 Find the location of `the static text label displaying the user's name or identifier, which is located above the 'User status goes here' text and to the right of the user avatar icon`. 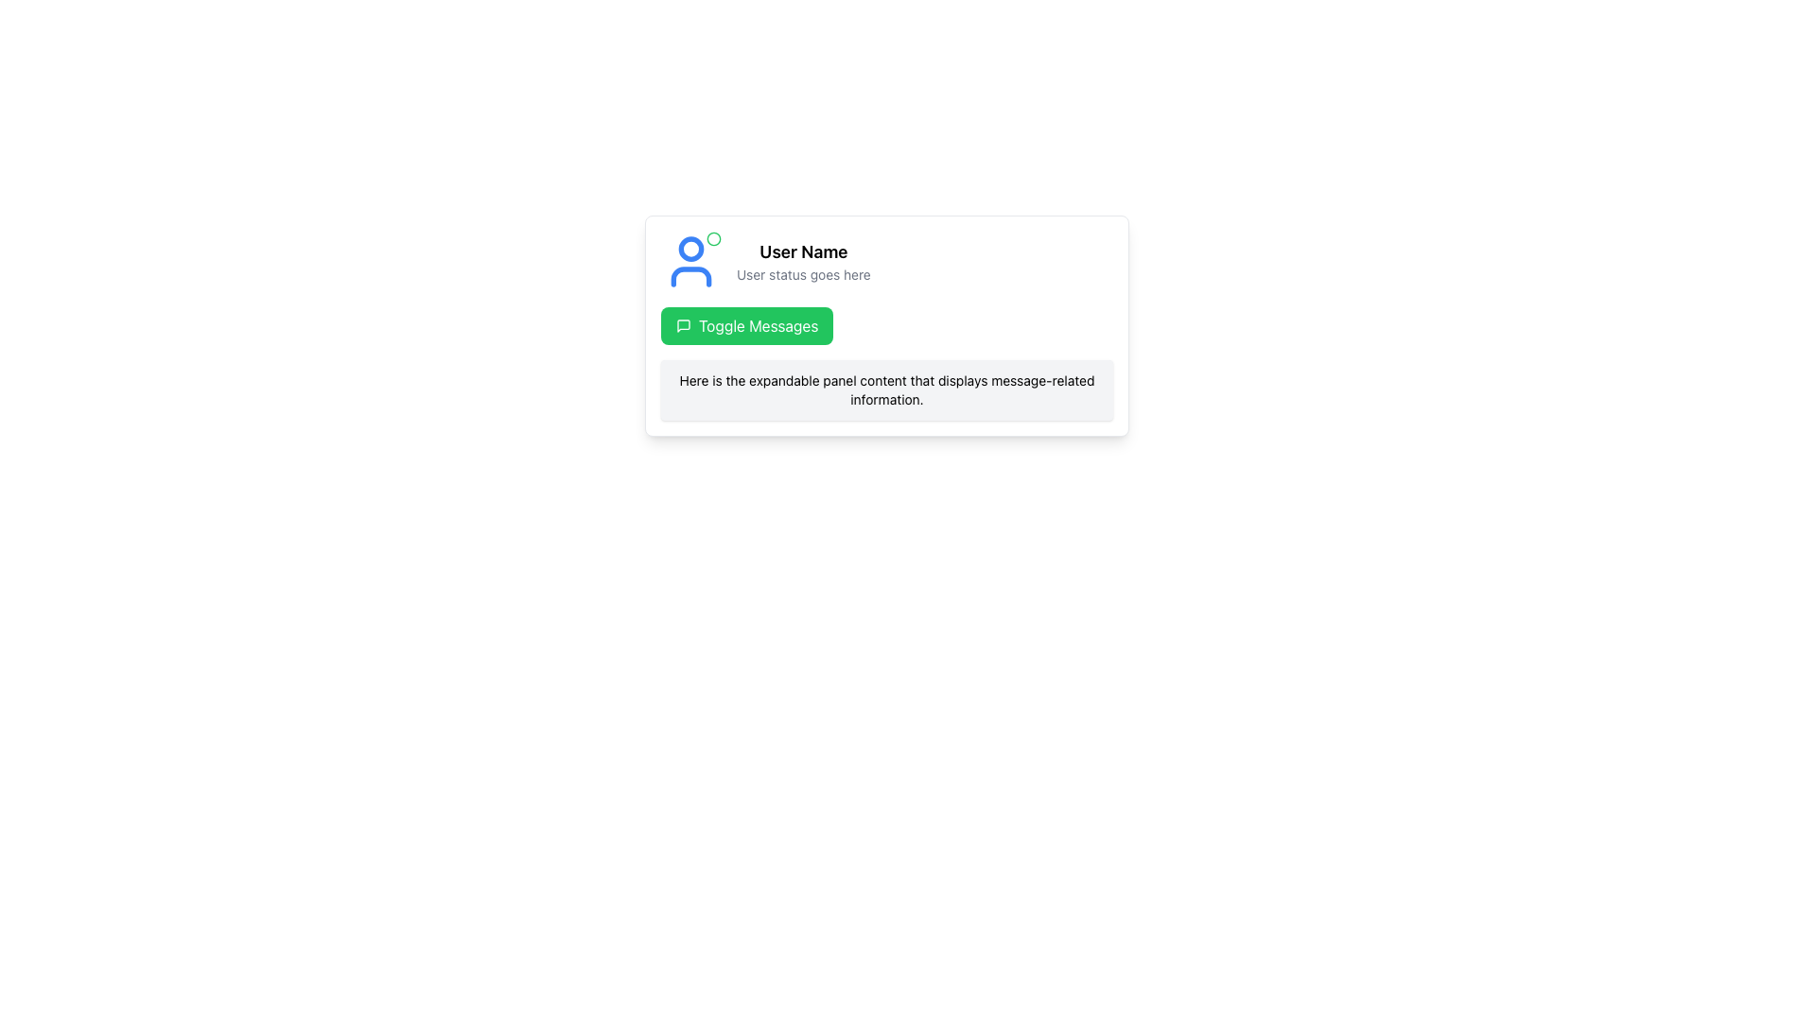

the static text label displaying the user's name or identifier, which is located above the 'User status goes here' text and to the right of the user avatar icon is located at coordinates (803, 251).